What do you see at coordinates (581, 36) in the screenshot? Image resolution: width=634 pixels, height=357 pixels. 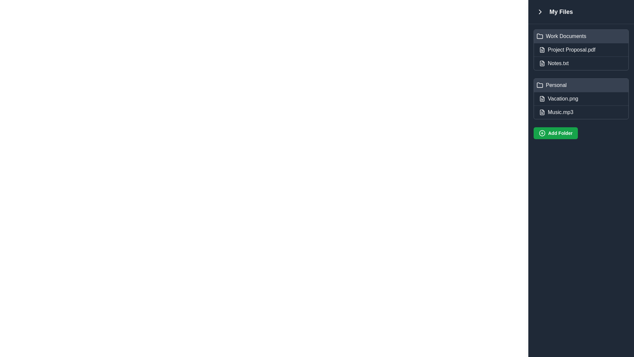 I see `the 'Work Documents' folder entry in the file list` at bounding box center [581, 36].